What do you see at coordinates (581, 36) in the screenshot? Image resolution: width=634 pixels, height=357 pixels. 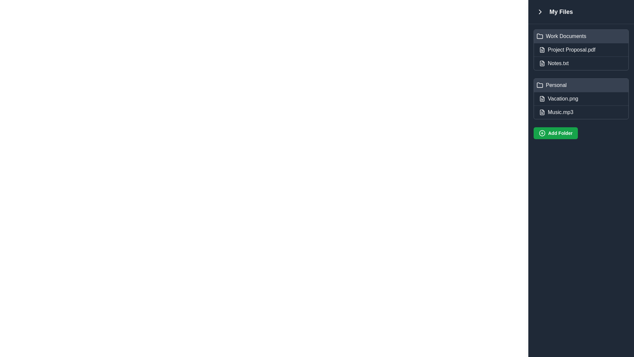 I see `the 'Work Documents' folder entry in the file list` at bounding box center [581, 36].